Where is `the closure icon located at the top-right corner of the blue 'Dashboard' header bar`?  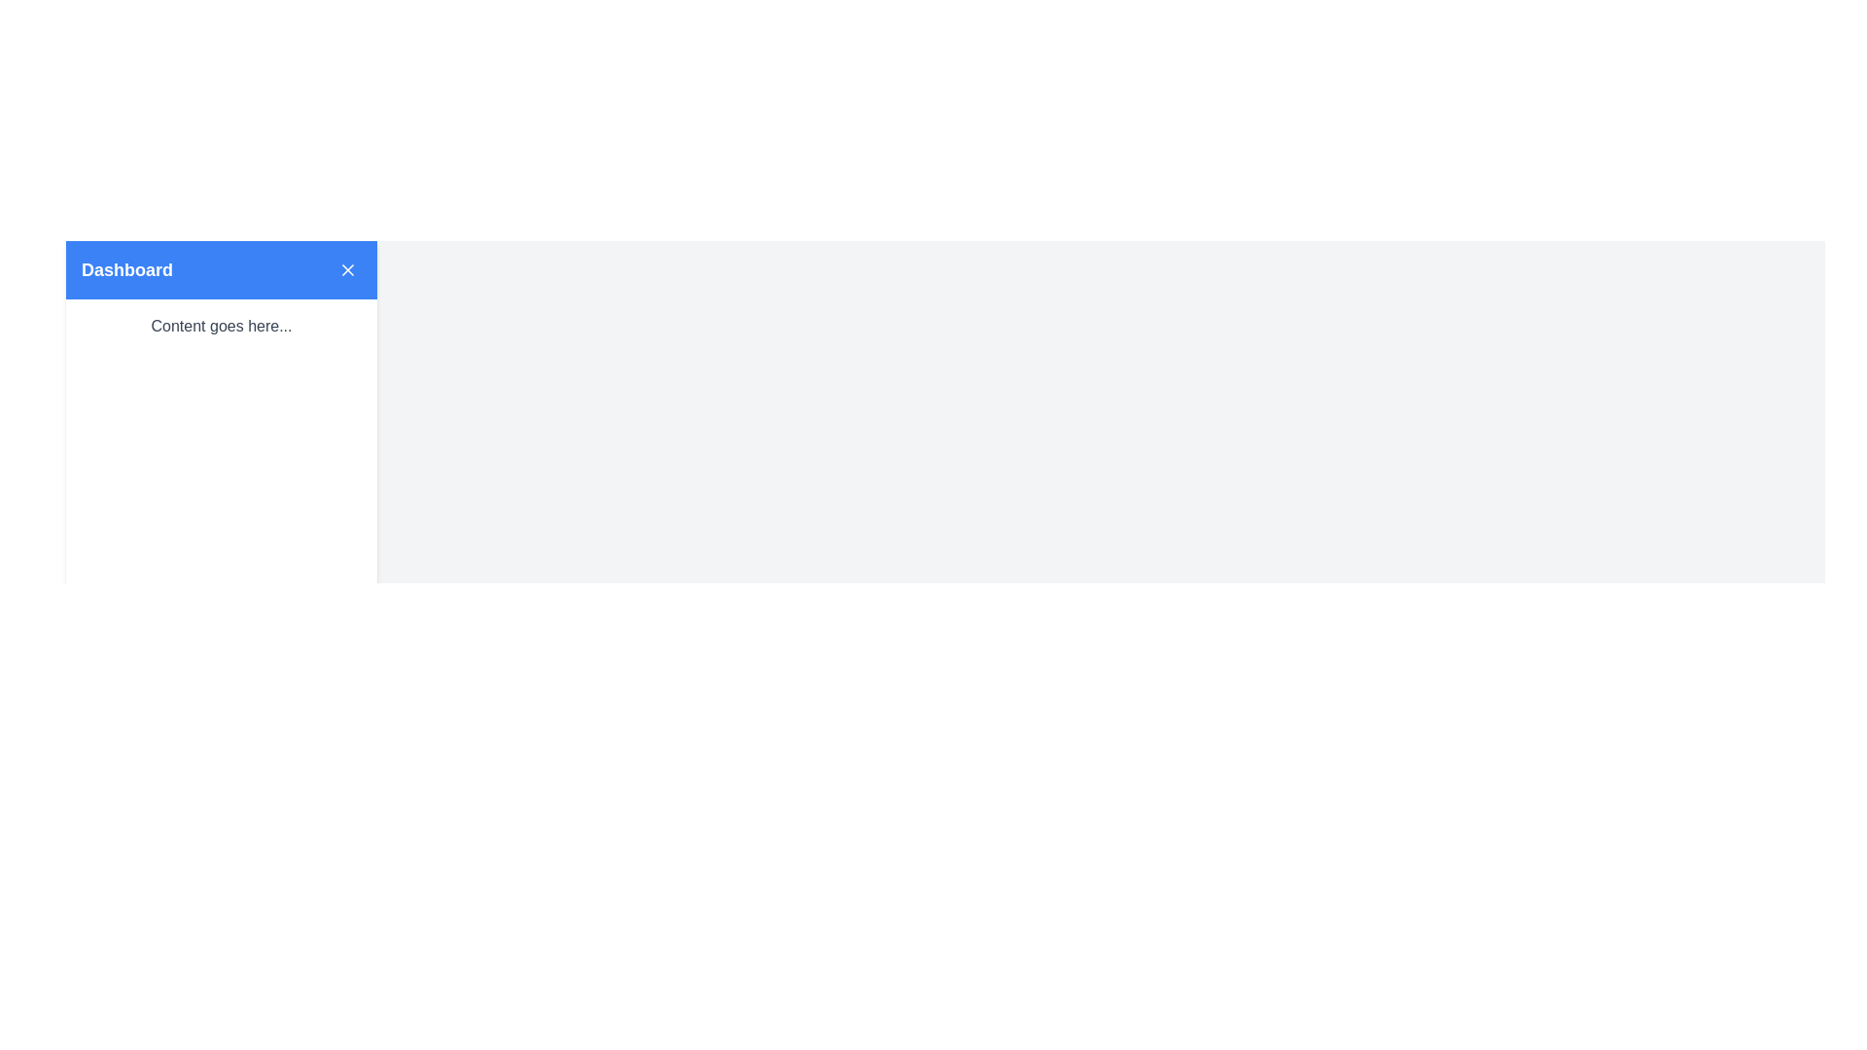
the closure icon located at the top-right corner of the blue 'Dashboard' header bar is located at coordinates (348, 269).